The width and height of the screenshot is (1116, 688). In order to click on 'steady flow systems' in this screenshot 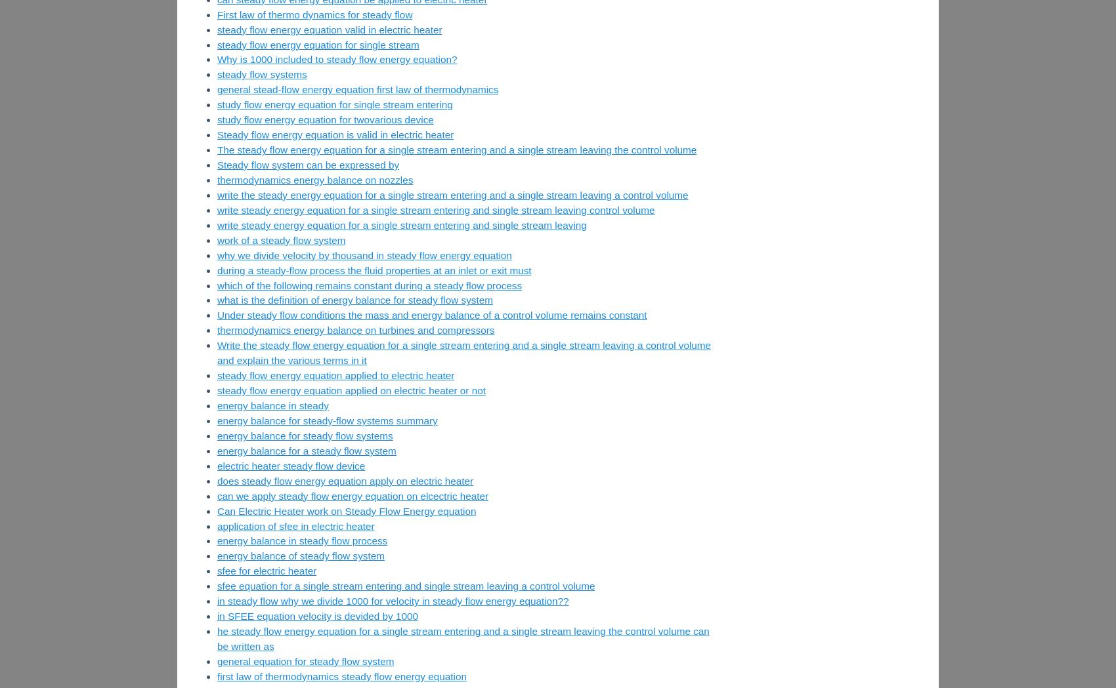, I will do `click(261, 73)`.